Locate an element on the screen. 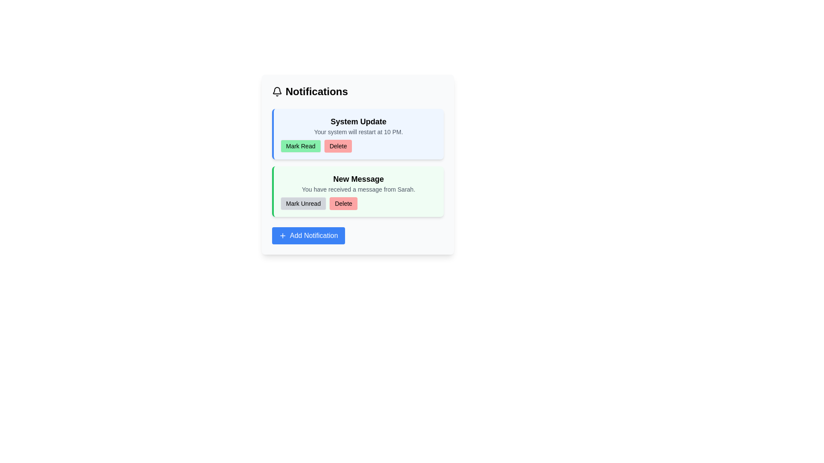 The image size is (824, 463). the bold text label reading 'New Message' within the green-tinted notification card located below the 'System Update' card in the notification list is located at coordinates (358, 178).